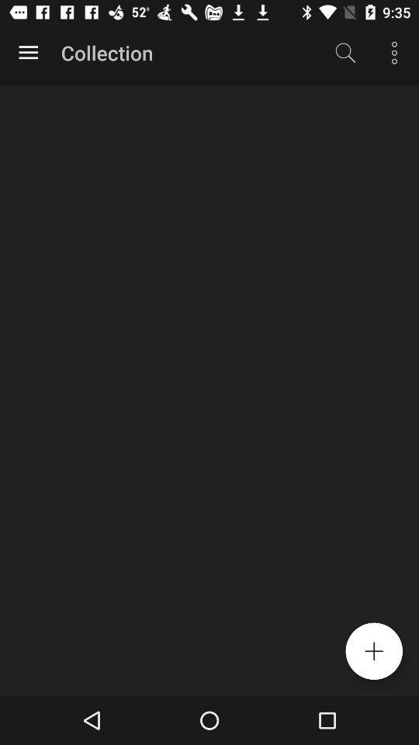 The height and width of the screenshot is (745, 419). I want to click on the item to the left of collection icon, so click(28, 53).